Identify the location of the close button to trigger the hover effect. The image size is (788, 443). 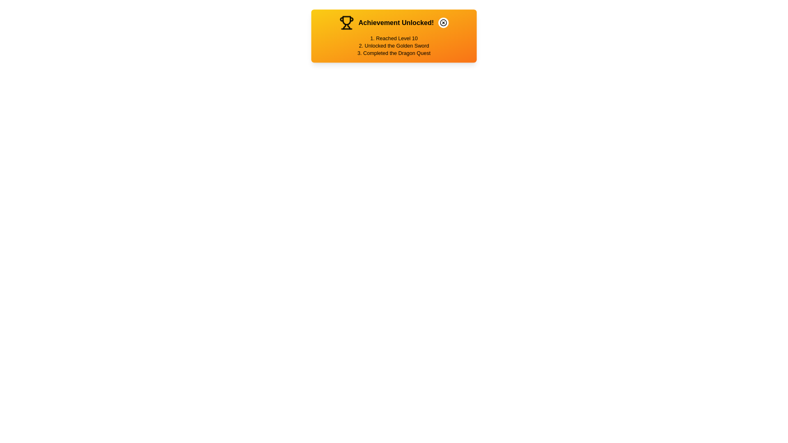
(443, 22).